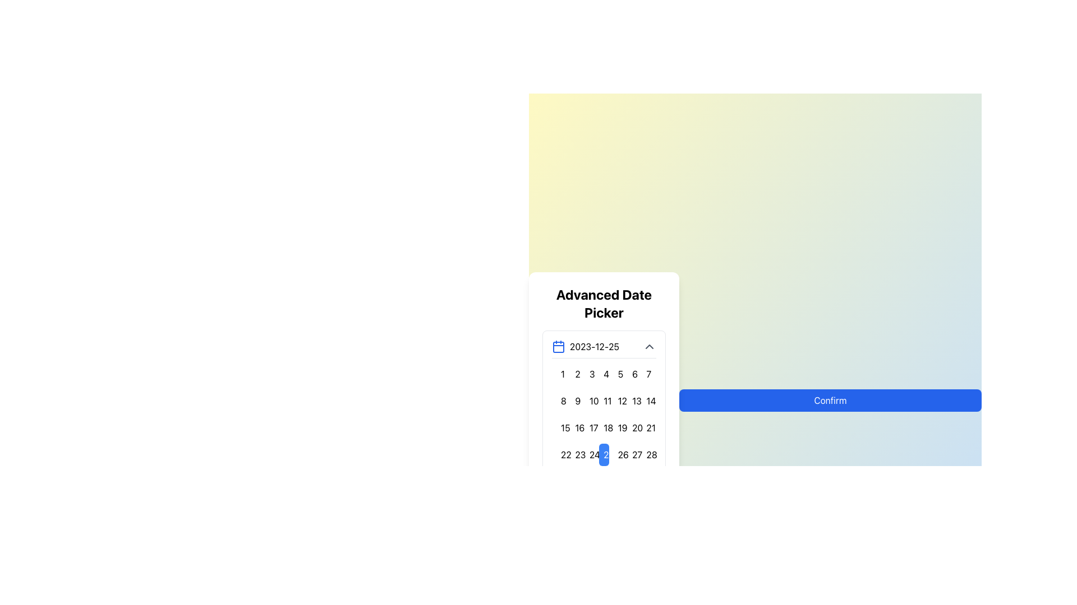  What do you see at coordinates (632, 427) in the screenshot?
I see `the selectable day '20' in the calendar interface to trigger a visual effect` at bounding box center [632, 427].